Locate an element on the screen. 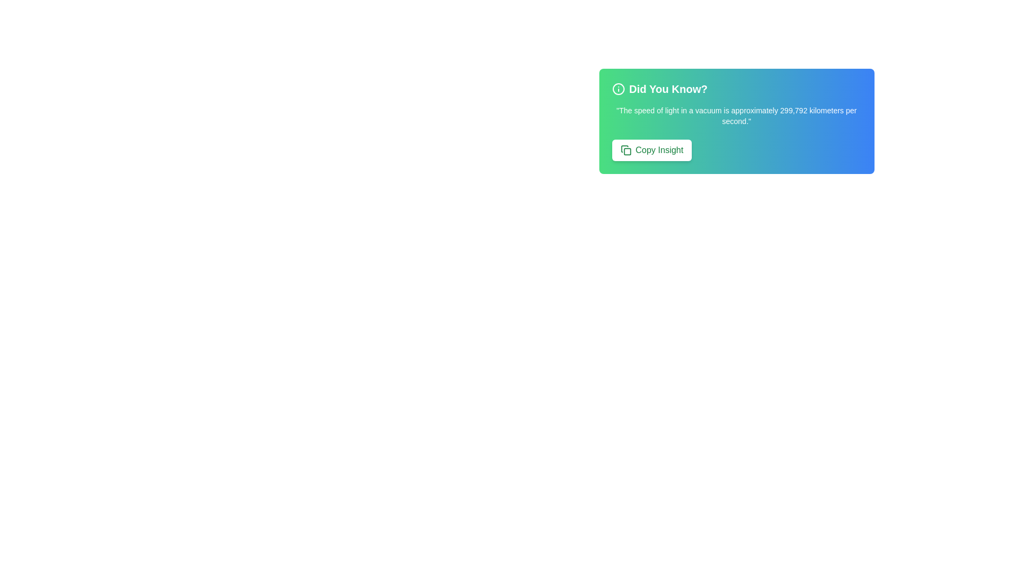  the 'Copy' button located at the bottom-left of the colorful gradient box titled 'Did You Know?' is located at coordinates (651, 150).